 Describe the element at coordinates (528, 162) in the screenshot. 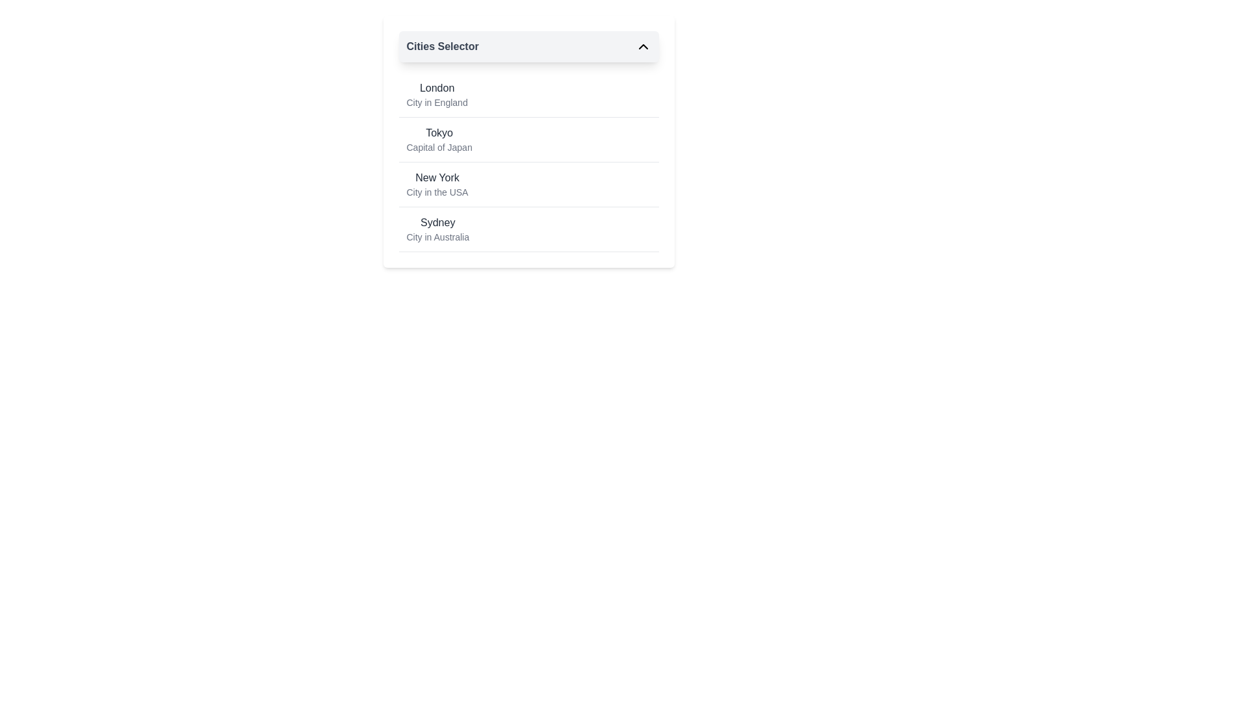

I see `the second item in the dropdown menu labeled 'Tokyo', which is described as 'Capital of Japan'` at that location.